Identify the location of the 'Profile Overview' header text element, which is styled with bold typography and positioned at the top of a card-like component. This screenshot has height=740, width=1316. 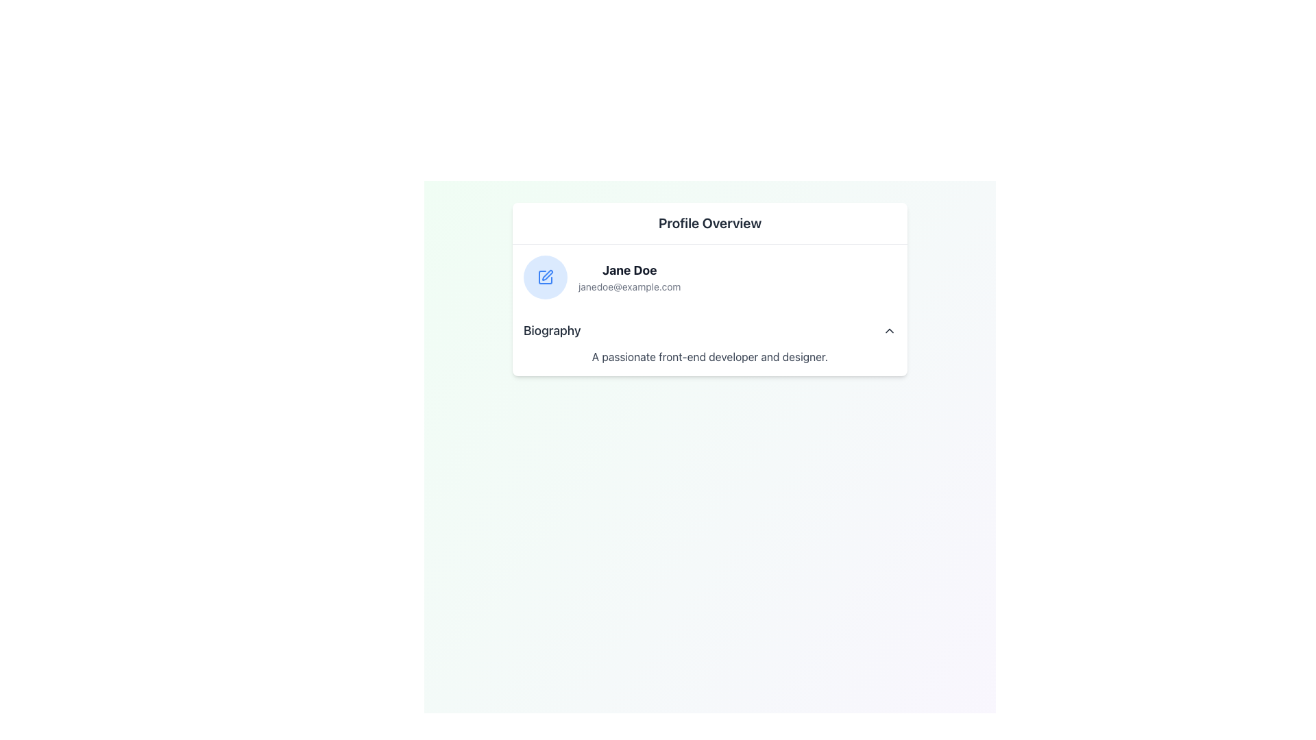
(710, 223).